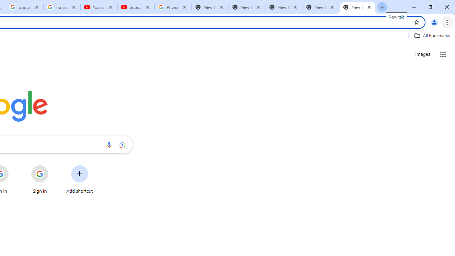 The width and height of the screenshot is (455, 256). What do you see at coordinates (25, 7) in the screenshot?
I see `'Google Account'` at bounding box center [25, 7].